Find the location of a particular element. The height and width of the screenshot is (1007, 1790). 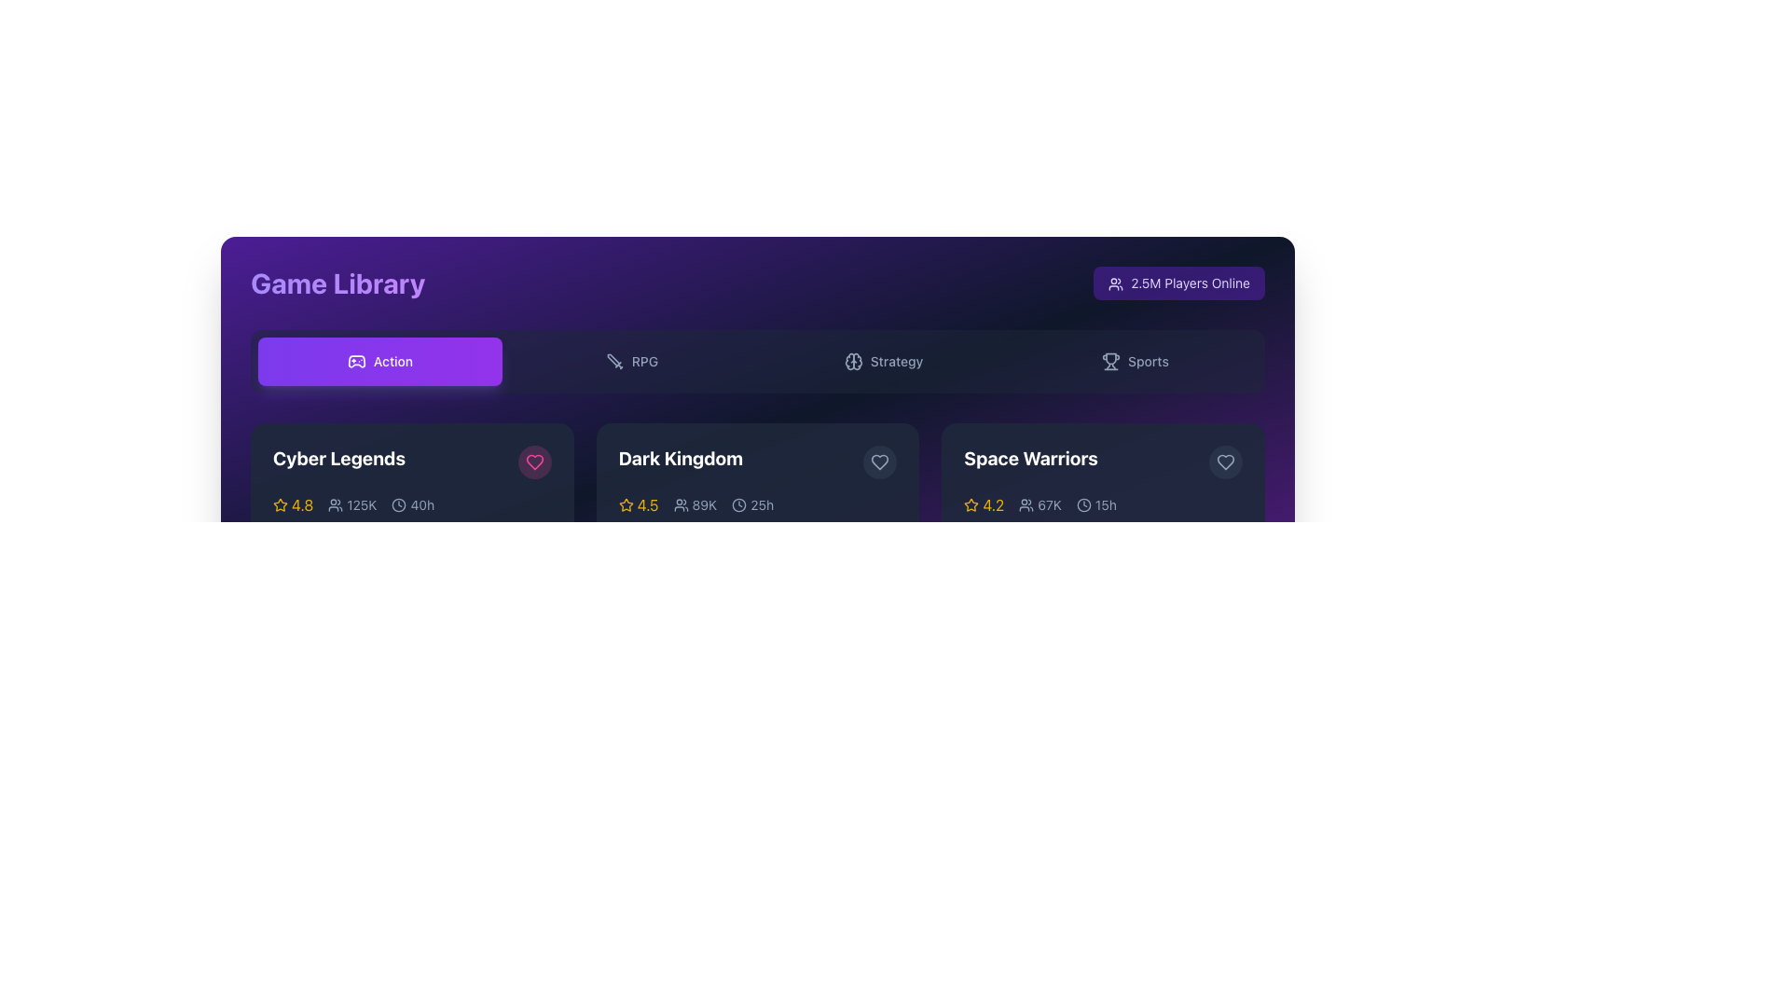

the text and icon pair indicating estimated time for 'Cyber Legends' located in the bottom row of indicators following the user count '125K' is located at coordinates (411, 505).